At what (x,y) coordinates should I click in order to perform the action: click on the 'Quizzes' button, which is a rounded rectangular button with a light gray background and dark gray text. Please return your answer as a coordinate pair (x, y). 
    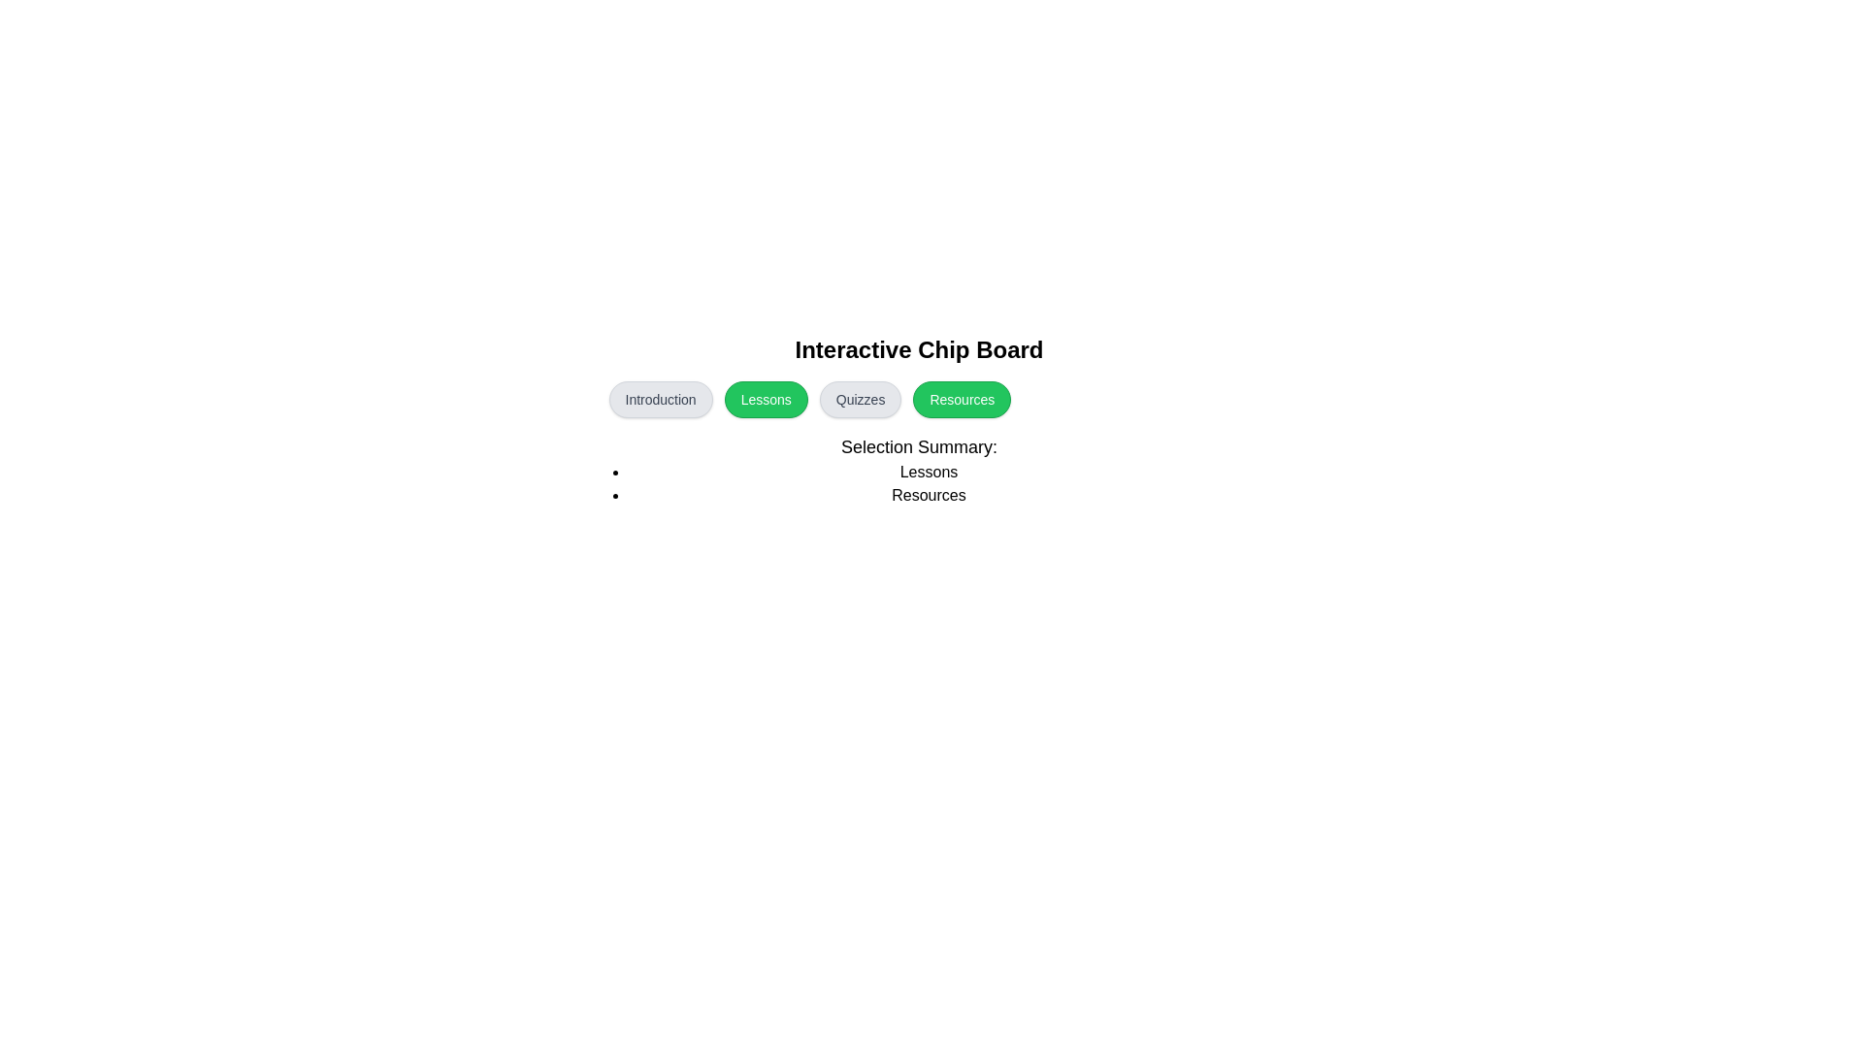
    Looking at the image, I should click on (860, 399).